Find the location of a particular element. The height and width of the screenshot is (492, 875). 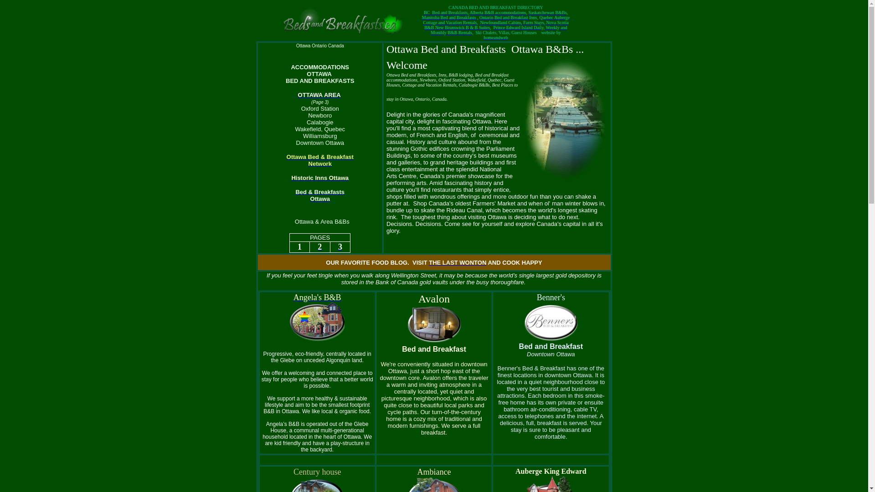

'homeandweb' is located at coordinates (495, 37).